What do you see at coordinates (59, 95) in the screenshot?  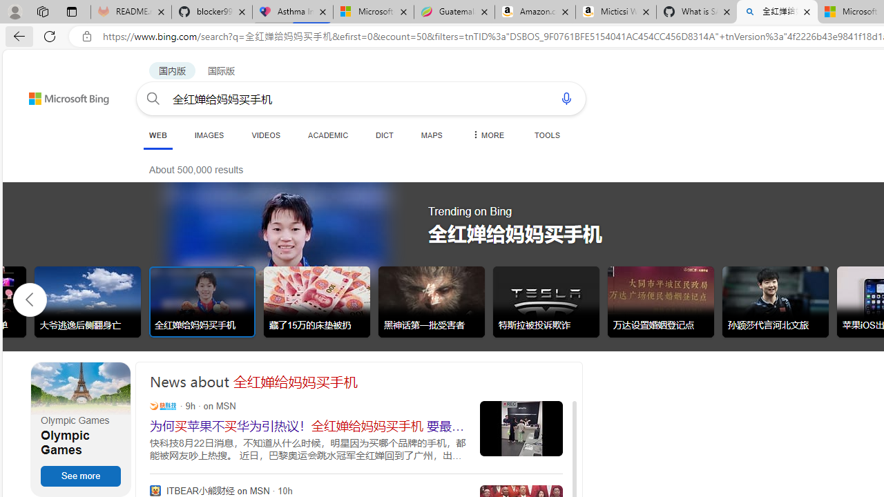 I see `'Back to Bing search'` at bounding box center [59, 95].